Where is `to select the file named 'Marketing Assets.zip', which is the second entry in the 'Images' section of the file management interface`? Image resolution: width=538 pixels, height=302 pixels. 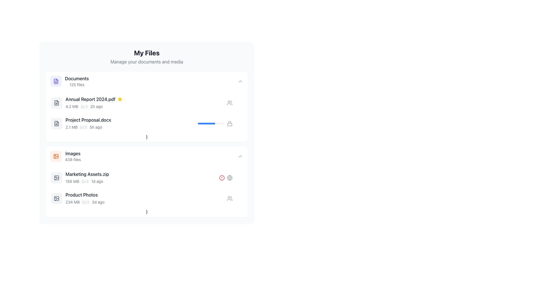
to select the file named 'Marketing Assets.zip', which is the second entry in the 'Images' section of the file management interface is located at coordinates (147, 178).